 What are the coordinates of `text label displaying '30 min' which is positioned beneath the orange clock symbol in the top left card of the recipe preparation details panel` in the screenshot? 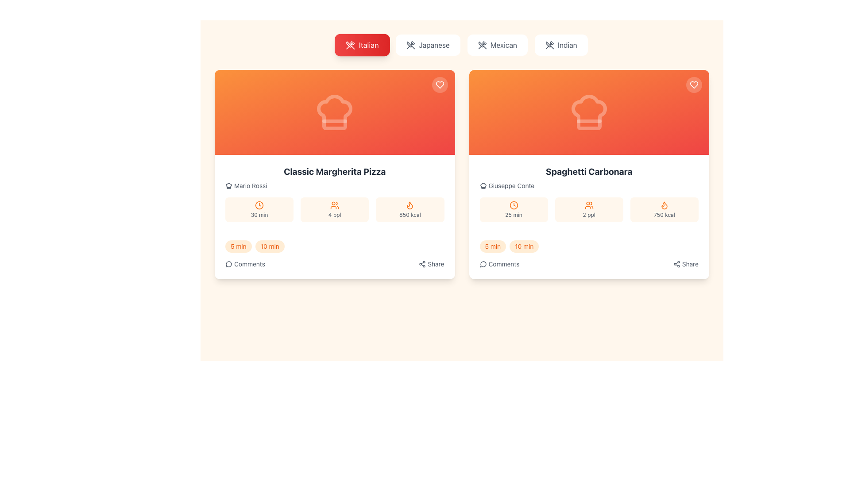 It's located at (259, 215).